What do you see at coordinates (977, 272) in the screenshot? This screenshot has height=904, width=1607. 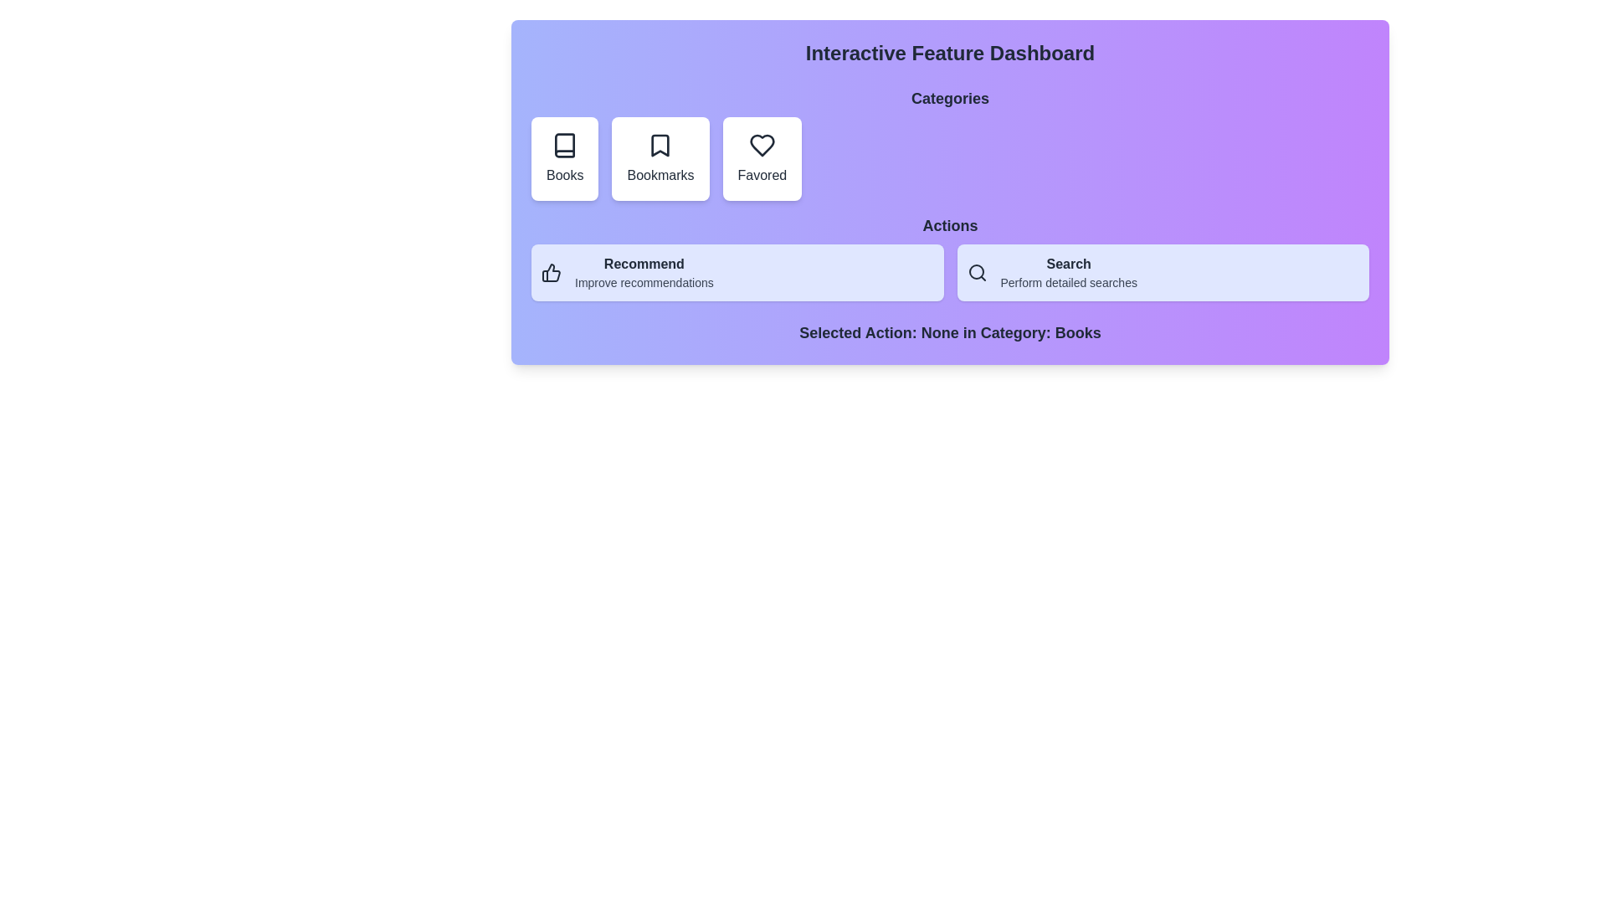 I see `the circular magnifying glass Search icon located on the second action button in the 'Actions' section, specifically inside the 'Search' button to the left of the text label` at bounding box center [977, 272].